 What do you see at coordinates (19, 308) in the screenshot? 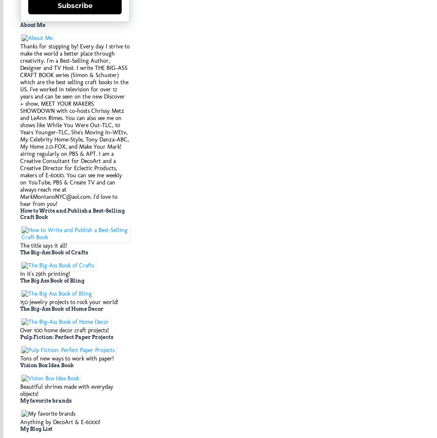
I see `'The Big-Ass Book of Home Decor'` at bounding box center [19, 308].